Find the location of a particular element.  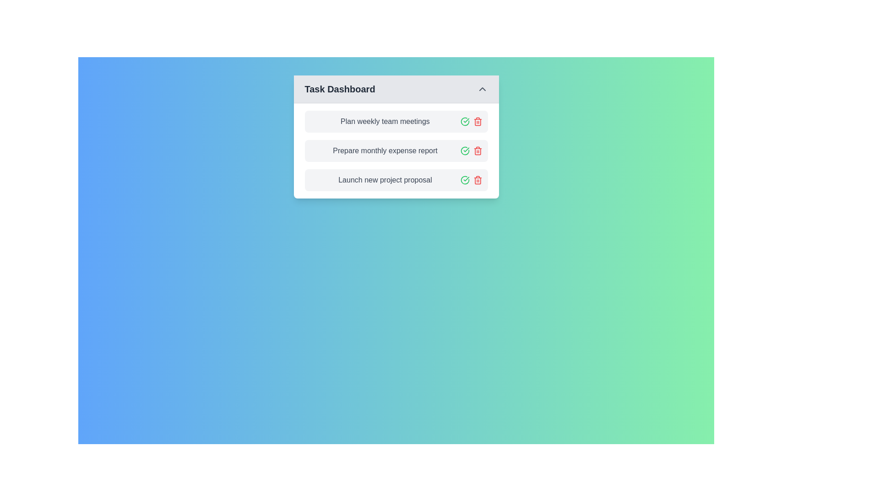

the first icon in the third task row of the 'Task Dashboard' card interface to confirm the task is located at coordinates (465, 180).